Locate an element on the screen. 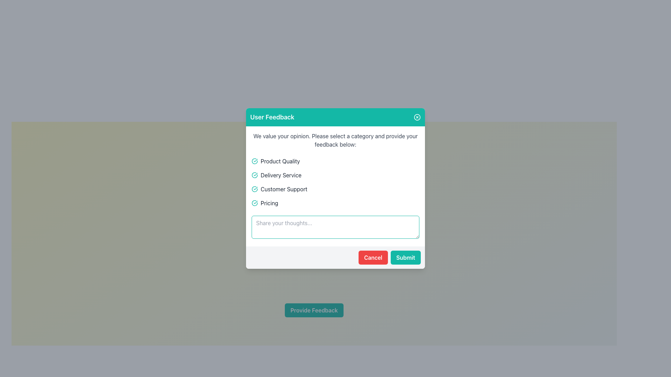  the Decorative icon (checkmark) that indicates selection or confirmation for the 'Customer Support' option in the feedback form, located to the left of the text component in the row is located at coordinates (254, 189).